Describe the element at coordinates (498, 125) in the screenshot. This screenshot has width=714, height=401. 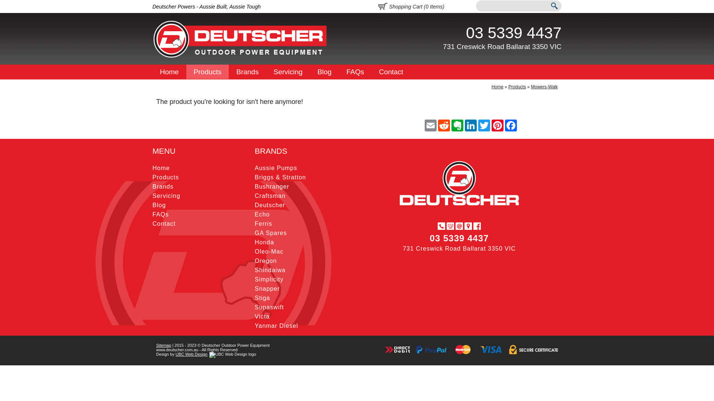
I see `'Pinterest'` at that location.